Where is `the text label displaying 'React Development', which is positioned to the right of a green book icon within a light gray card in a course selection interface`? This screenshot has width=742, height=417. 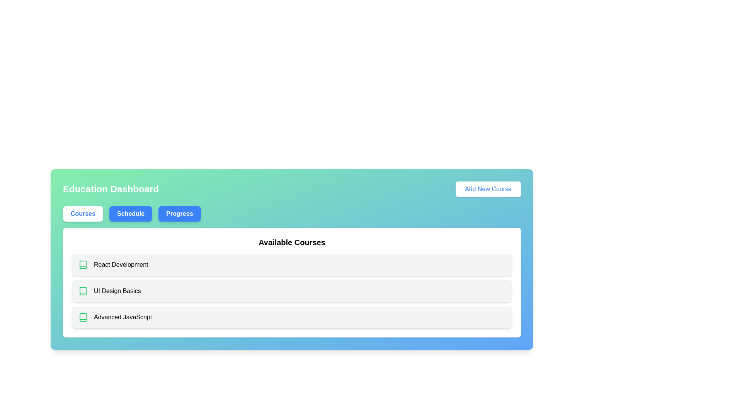
the text label displaying 'React Development', which is positioned to the right of a green book icon within a light gray card in a course selection interface is located at coordinates (121, 264).